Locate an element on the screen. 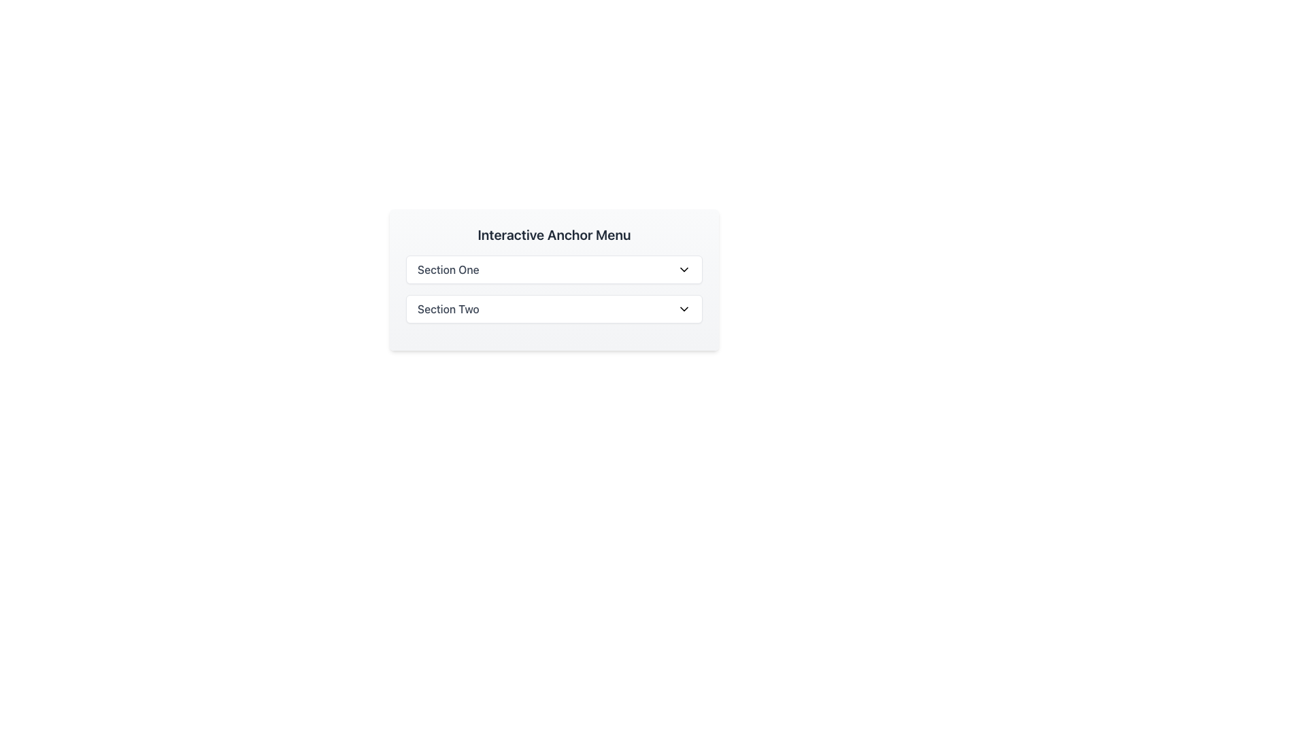 The image size is (1306, 734). the Dropdown button related to 'Section Two' for keyboard navigation is located at coordinates (554, 309).